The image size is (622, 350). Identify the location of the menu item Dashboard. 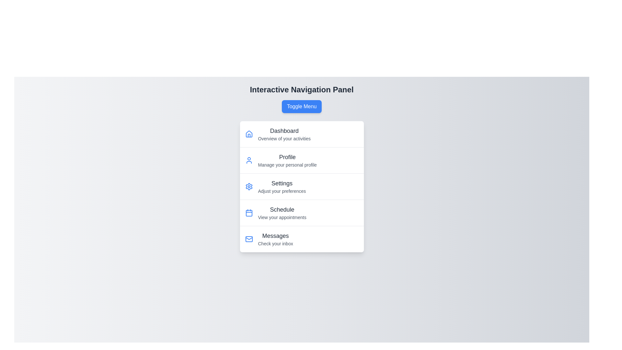
(259, 130).